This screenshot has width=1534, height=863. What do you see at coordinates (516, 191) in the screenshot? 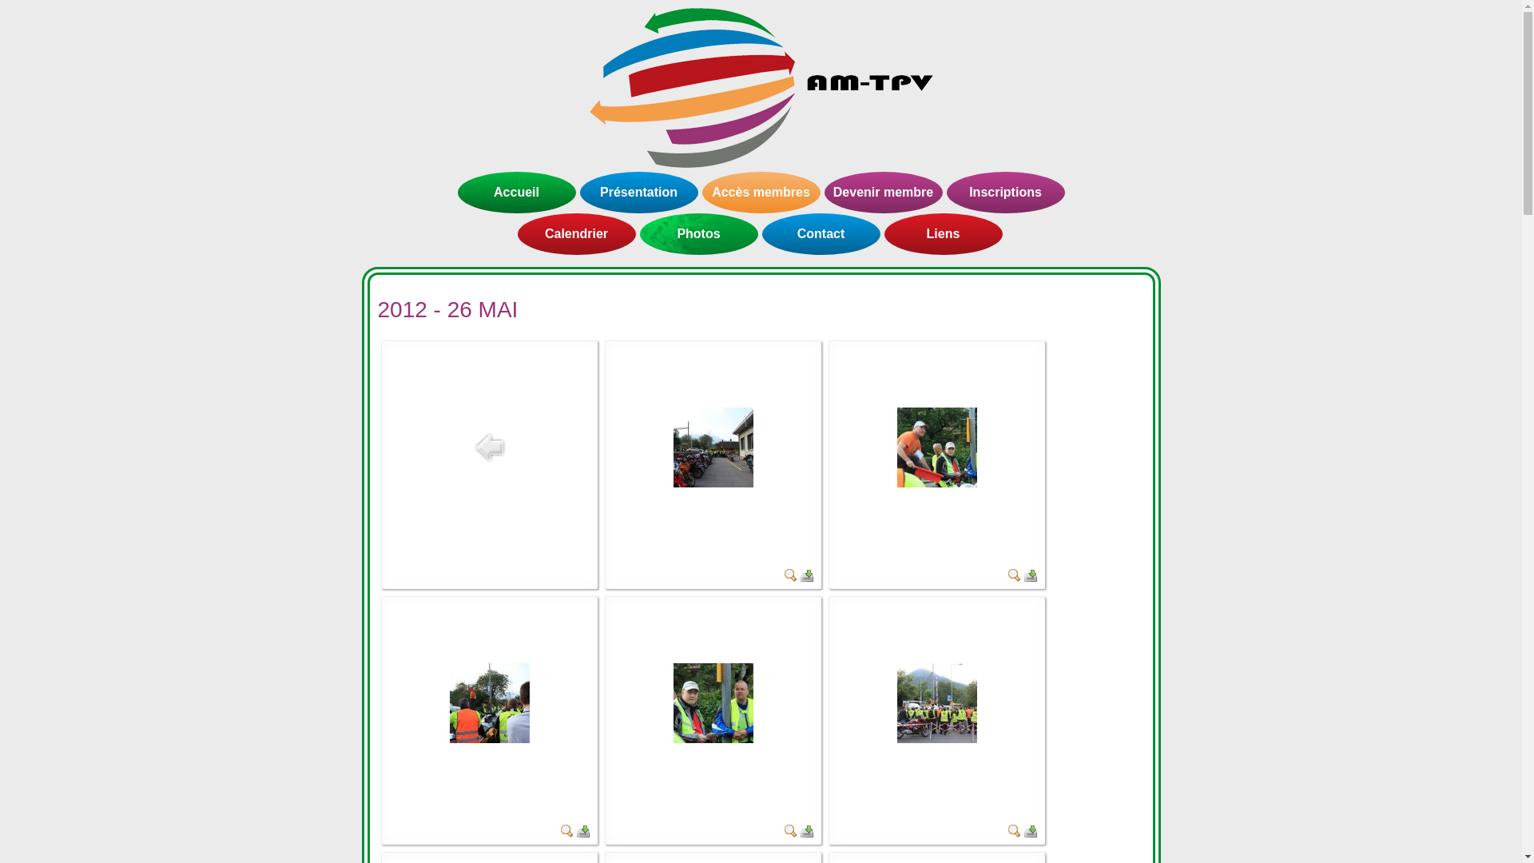
I see `'Accueil'` at bounding box center [516, 191].